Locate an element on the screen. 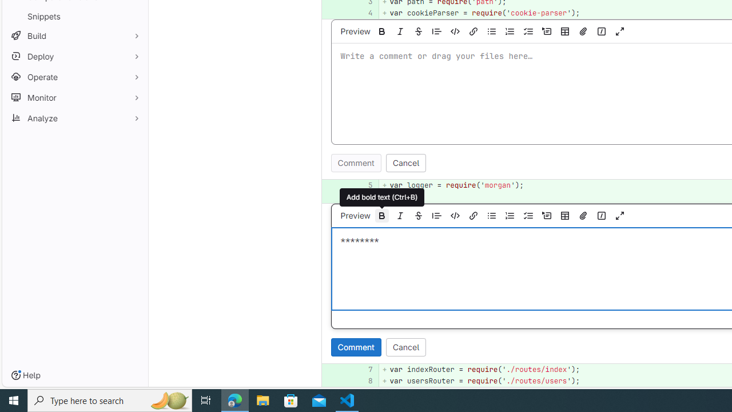  'Build' is located at coordinates (74, 35).